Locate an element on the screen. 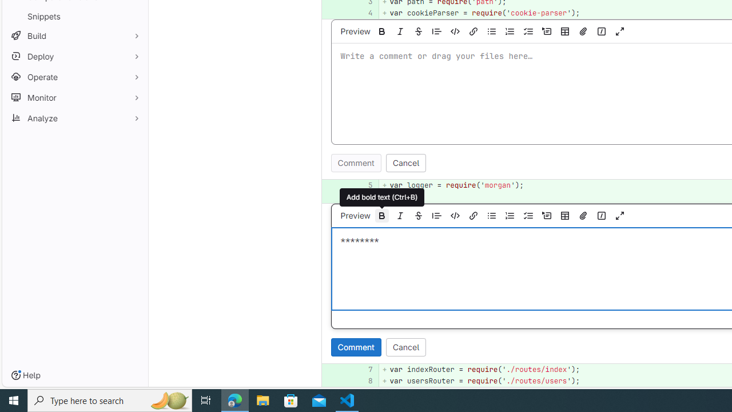  'Build' is located at coordinates (74, 35).